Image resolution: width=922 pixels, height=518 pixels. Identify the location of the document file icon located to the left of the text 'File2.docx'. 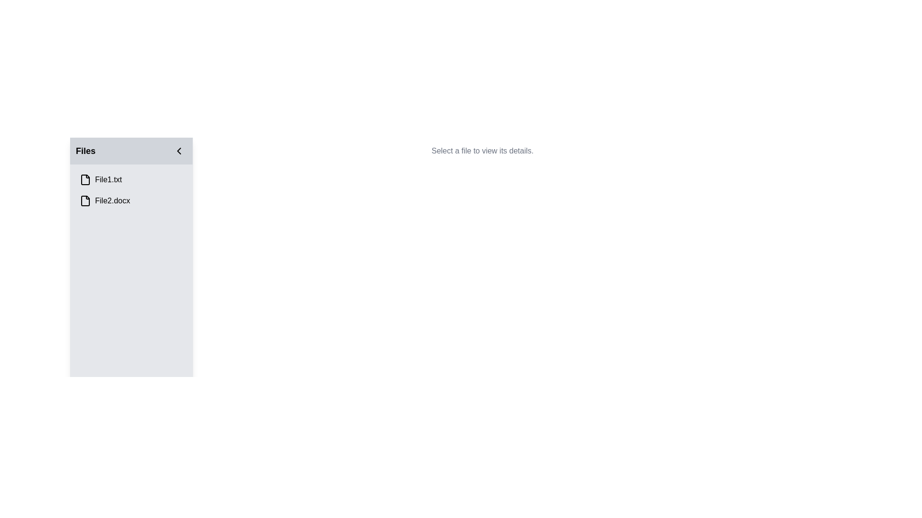
(85, 200).